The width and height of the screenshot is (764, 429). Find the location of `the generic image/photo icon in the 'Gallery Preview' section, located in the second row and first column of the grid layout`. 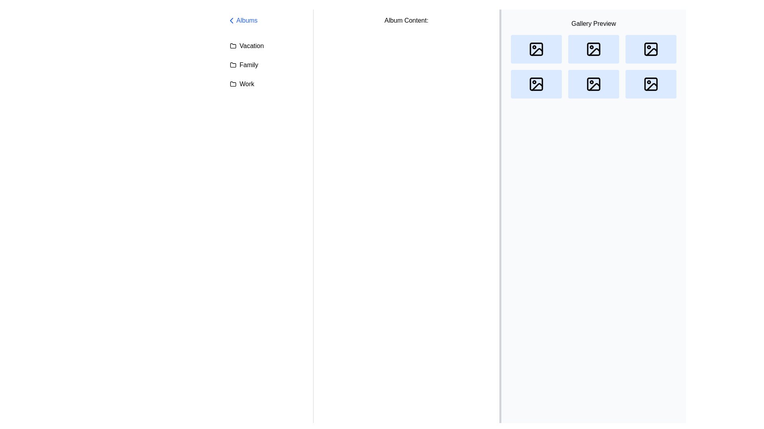

the generic image/photo icon in the 'Gallery Preview' section, located in the second row and first column of the grid layout is located at coordinates (536, 84).